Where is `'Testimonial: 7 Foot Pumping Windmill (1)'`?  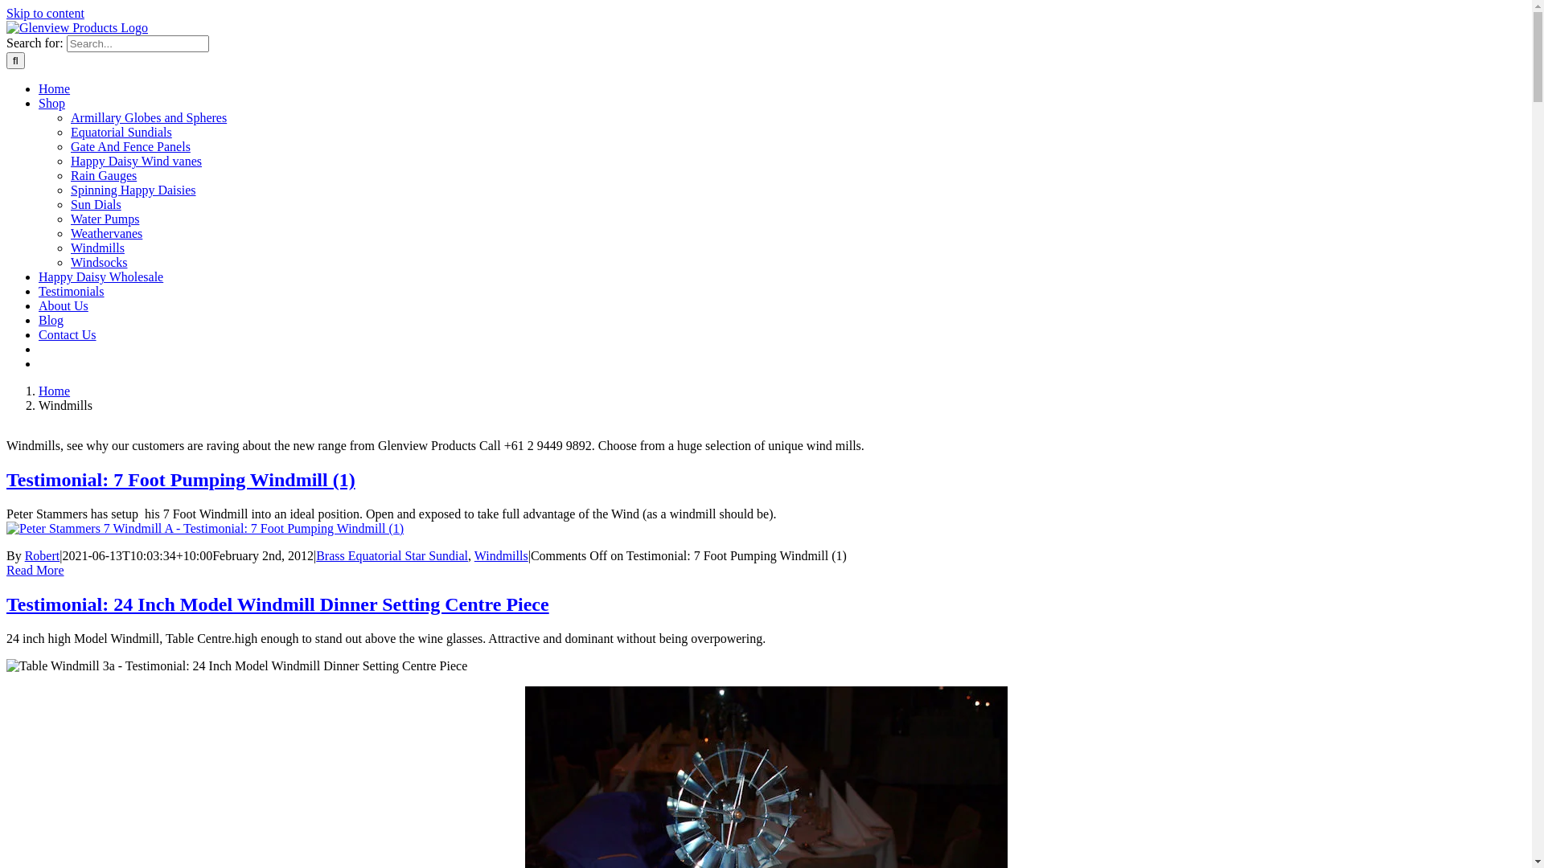 'Testimonial: 7 Foot Pumping Windmill (1)' is located at coordinates (203, 529).